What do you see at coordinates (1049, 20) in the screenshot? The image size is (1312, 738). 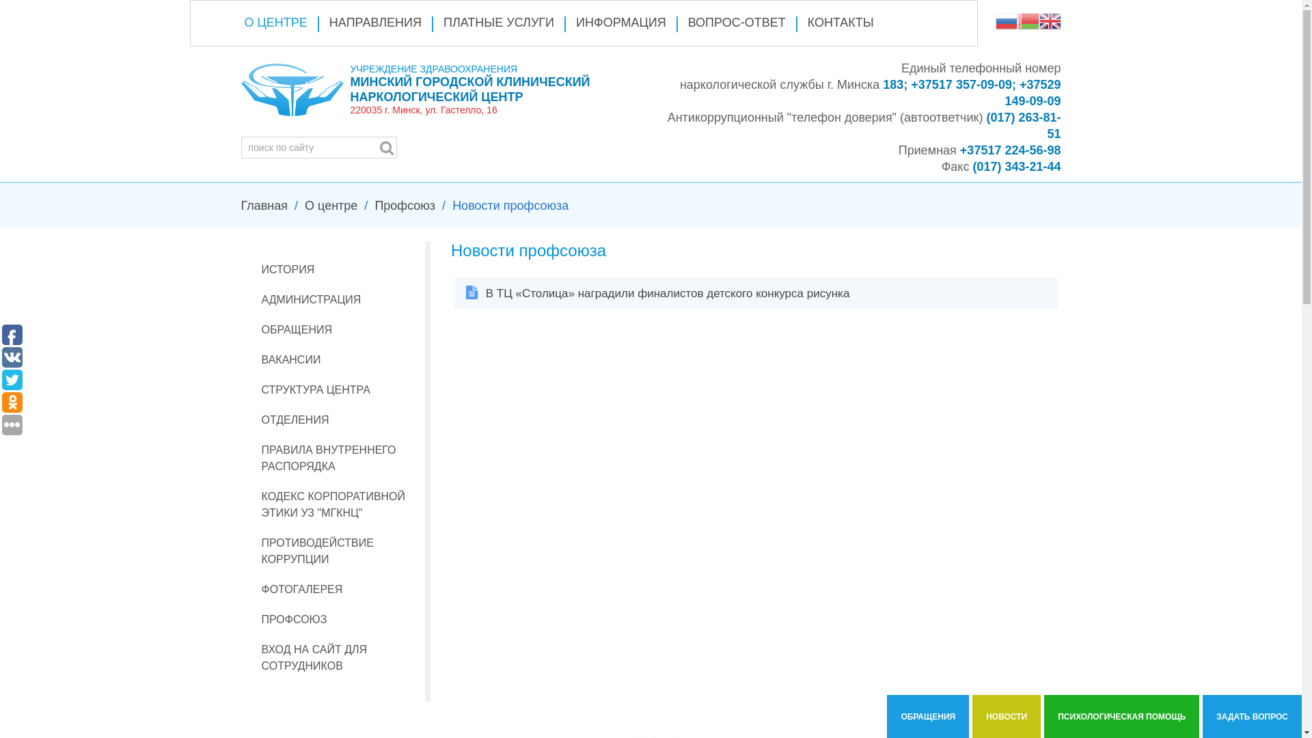 I see `'English'` at bounding box center [1049, 20].